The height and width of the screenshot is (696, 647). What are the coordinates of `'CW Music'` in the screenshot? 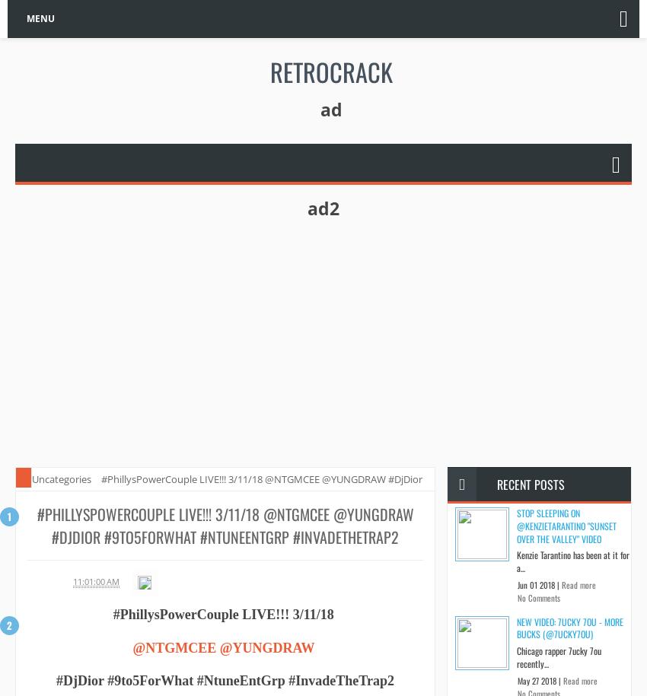 It's located at (46, 580).